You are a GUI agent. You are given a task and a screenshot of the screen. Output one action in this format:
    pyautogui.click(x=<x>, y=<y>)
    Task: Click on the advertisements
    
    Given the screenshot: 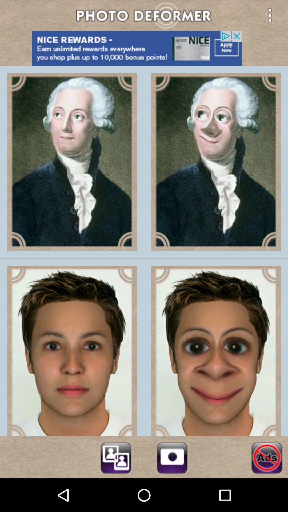 What is the action you would take?
    pyautogui.click(x=267, y=457)
    